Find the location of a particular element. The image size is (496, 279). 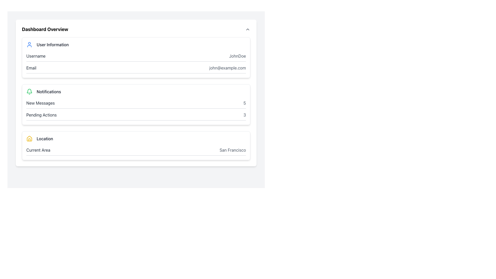

the curved part of the bell icon located in the notification section on the dashboard overview page is located at coordinates (29, 91).